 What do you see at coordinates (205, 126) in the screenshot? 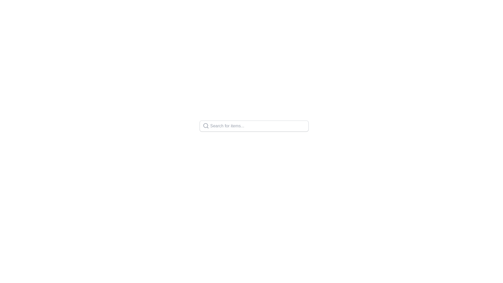
I see `the magnifying glass icon that signifies the search functionality, located inside the search input field to the left of the placeholder text 'Search for items...'` at bounding box center [205, 126].